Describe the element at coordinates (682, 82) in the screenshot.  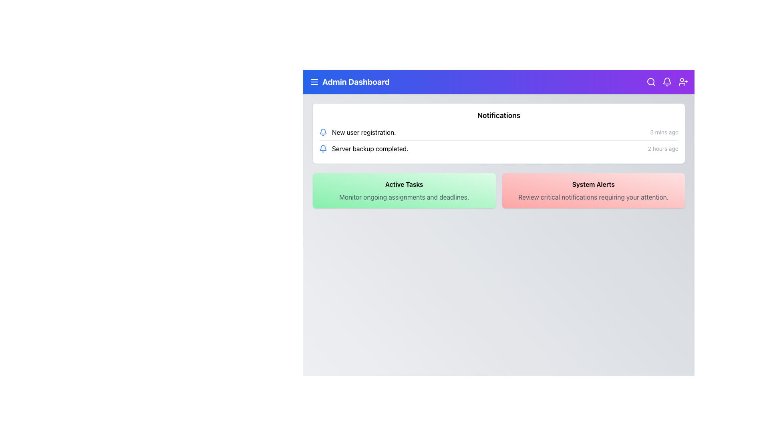
I see `the icon button located at the far right of the top navigation bar, which is the fourth icon in sequence` at that location.